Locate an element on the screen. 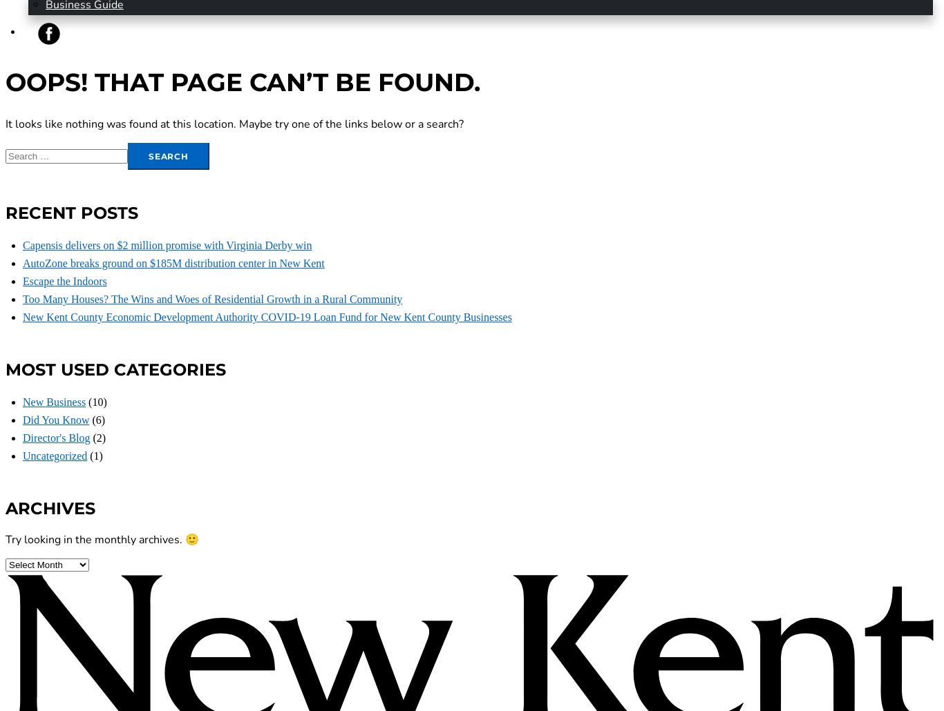  'It looks like nothing was found at this location. Maybe try one of the links below or a search?' is located at coordinates (234, 124).